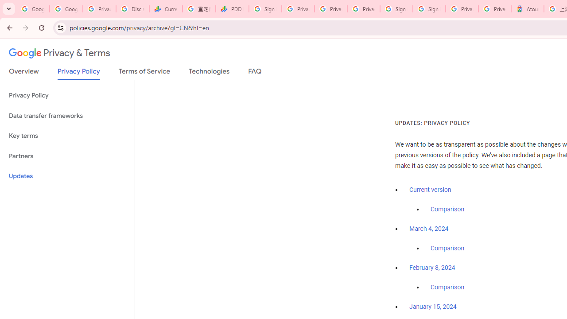  I want to click on 'January 15, 2024', so click(433, 307).